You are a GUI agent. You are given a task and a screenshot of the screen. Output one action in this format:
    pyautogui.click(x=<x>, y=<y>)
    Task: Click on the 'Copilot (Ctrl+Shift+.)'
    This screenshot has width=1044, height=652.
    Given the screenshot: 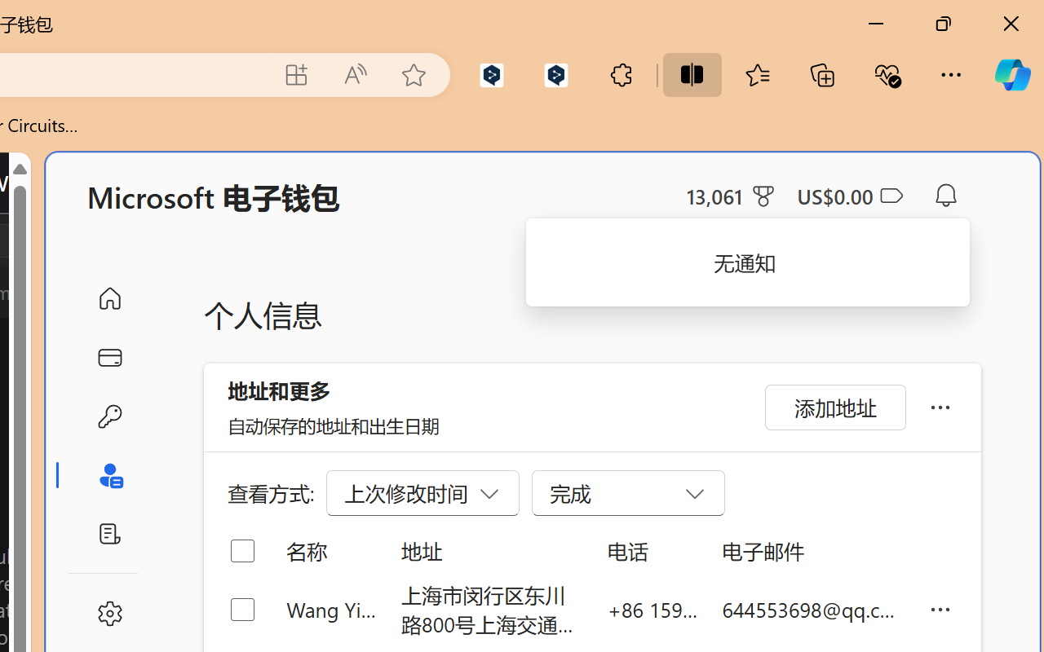 What is the action you would take?
    pyautogui.click(x=1011, y=74)
    